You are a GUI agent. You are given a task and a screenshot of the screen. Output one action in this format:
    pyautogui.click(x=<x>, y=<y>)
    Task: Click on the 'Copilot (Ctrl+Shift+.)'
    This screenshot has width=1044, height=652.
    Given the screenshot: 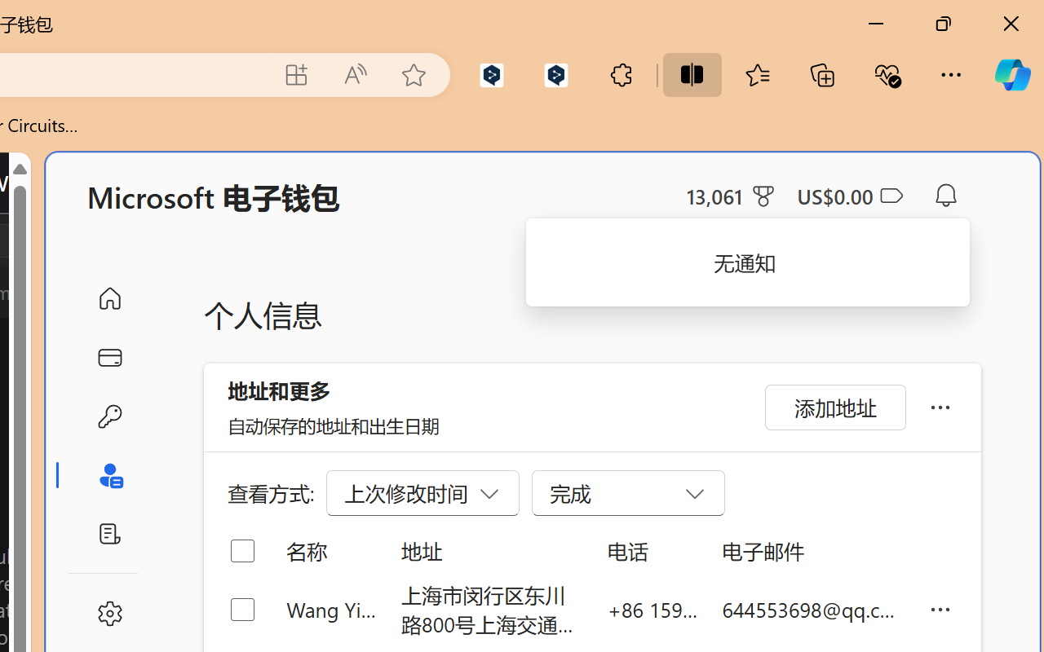 What is the action you would take?
    pyautogui.click(x=1011, y=74)
    